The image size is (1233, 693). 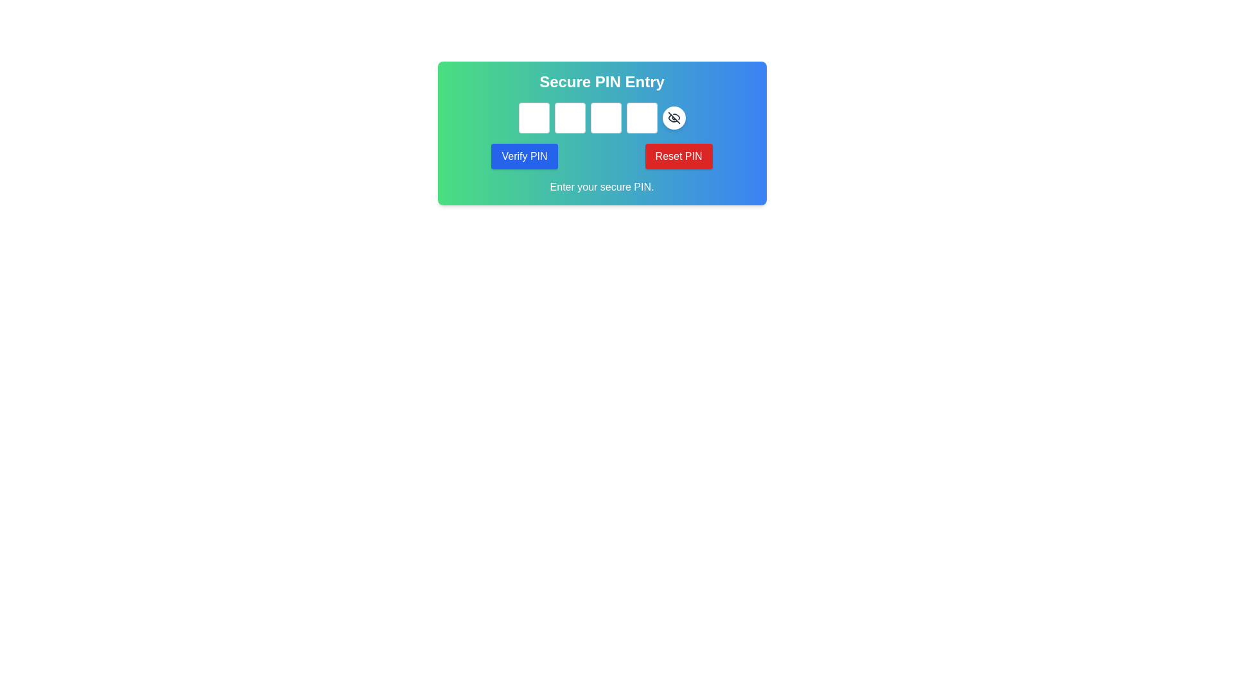 What do you see at coordinates (524, 155) in the screenshot?
I see `the 'Verify PIN' button, which is a rectangular button with a blue background and white text, to observe its hover effect` at bounding box center [524, 155].